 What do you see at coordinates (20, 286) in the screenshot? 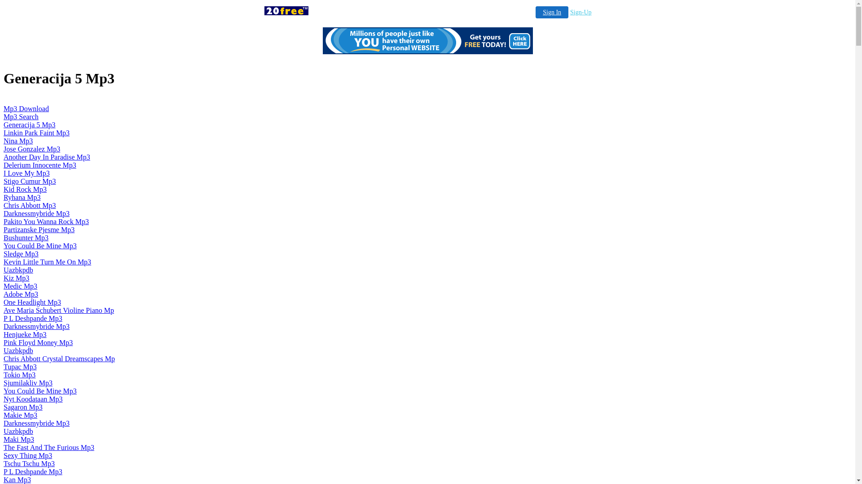
I see `'Medic Mp3'` at bounding box center [20, 286].